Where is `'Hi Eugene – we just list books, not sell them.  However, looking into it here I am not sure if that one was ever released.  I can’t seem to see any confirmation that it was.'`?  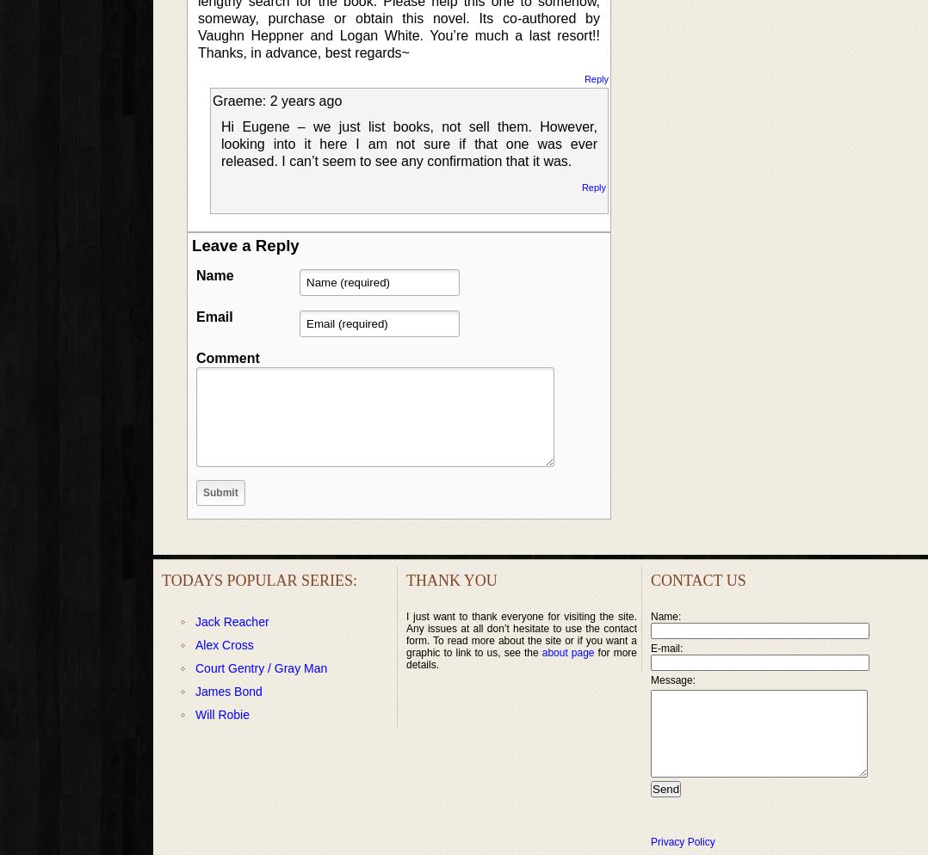
'Hi Eugene – we just list books, not sell them.  However, looking into it here I am not sure if that one was ever released.  I can’t seem to see any confirmation that it was.' is located at coordinates (408, 144).